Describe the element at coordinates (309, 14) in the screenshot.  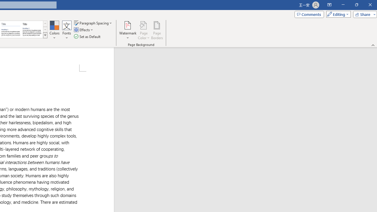
I see `'Comments'` at that location.